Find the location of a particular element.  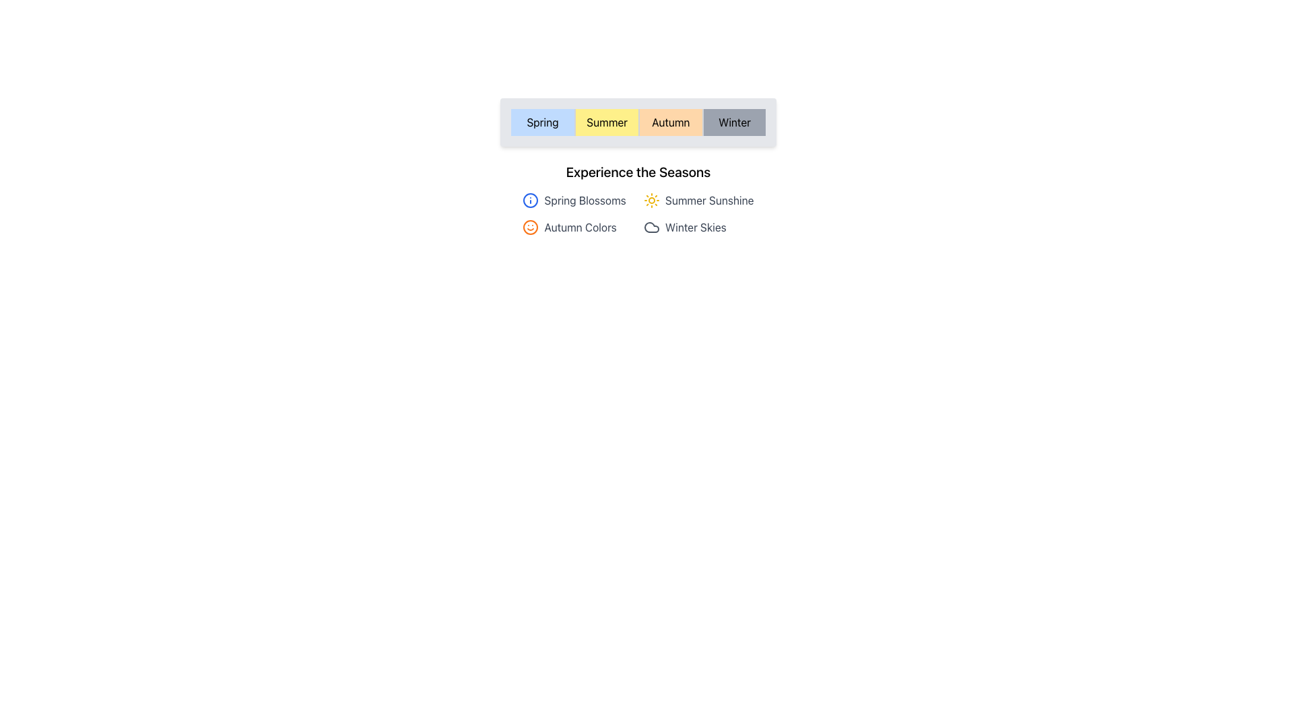

the labeled item 'Winter Skies' with a cloud icon is located at coordinates (698, 227).